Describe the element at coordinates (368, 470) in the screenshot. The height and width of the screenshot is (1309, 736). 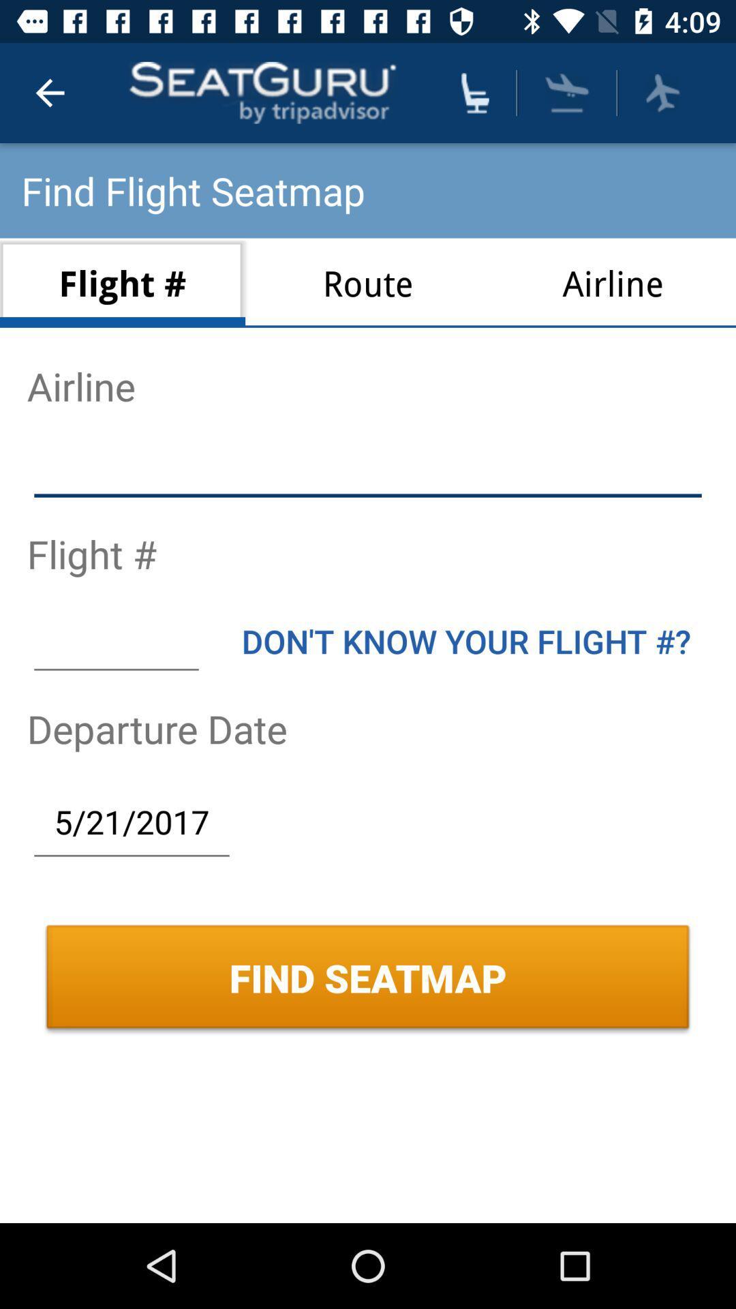
I see `airline name` at that location.